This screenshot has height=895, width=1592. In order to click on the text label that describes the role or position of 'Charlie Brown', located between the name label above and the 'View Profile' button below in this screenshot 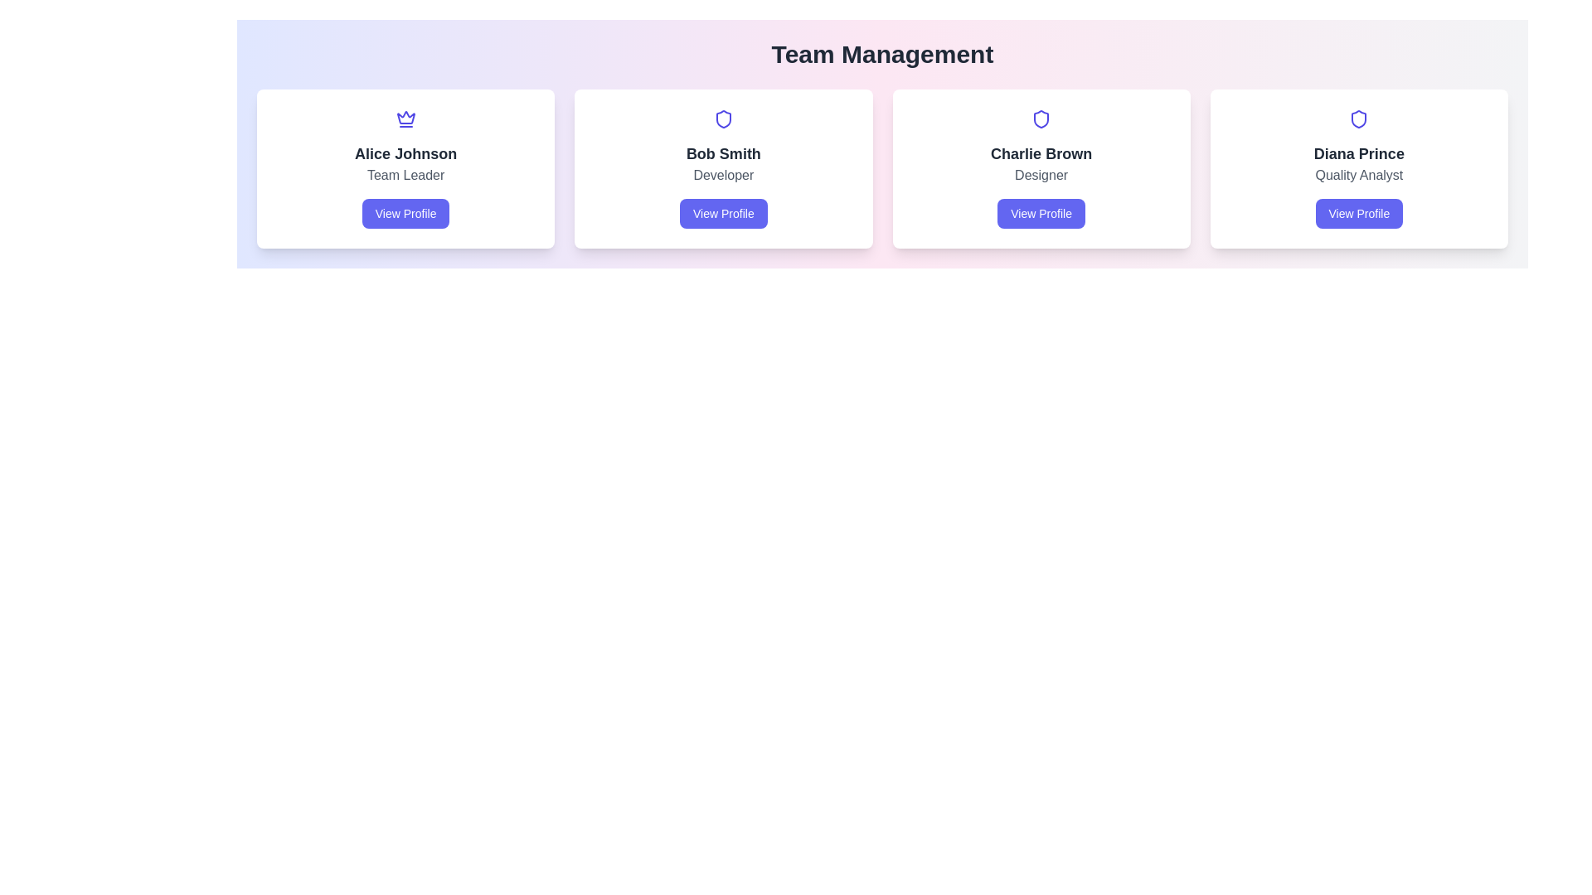, I will do `click(1041, 176)`.